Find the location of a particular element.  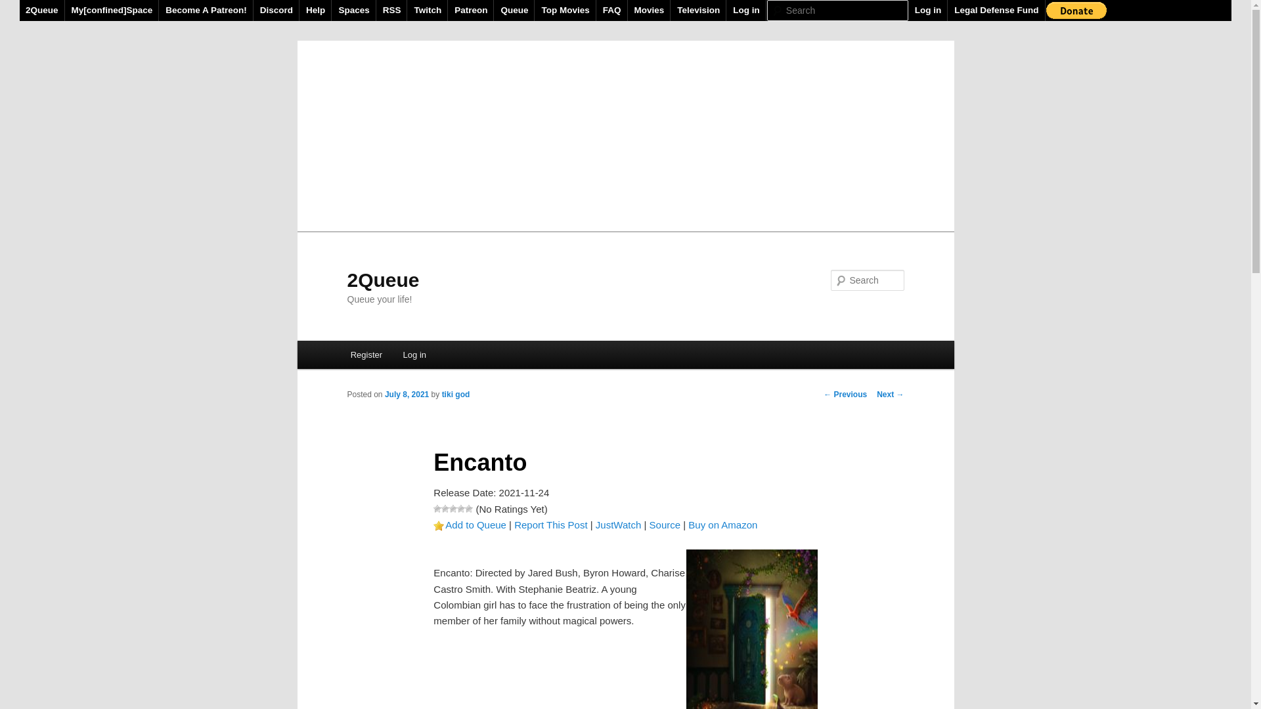

'Become A Patreon!' is located at coordinates (159, 10).